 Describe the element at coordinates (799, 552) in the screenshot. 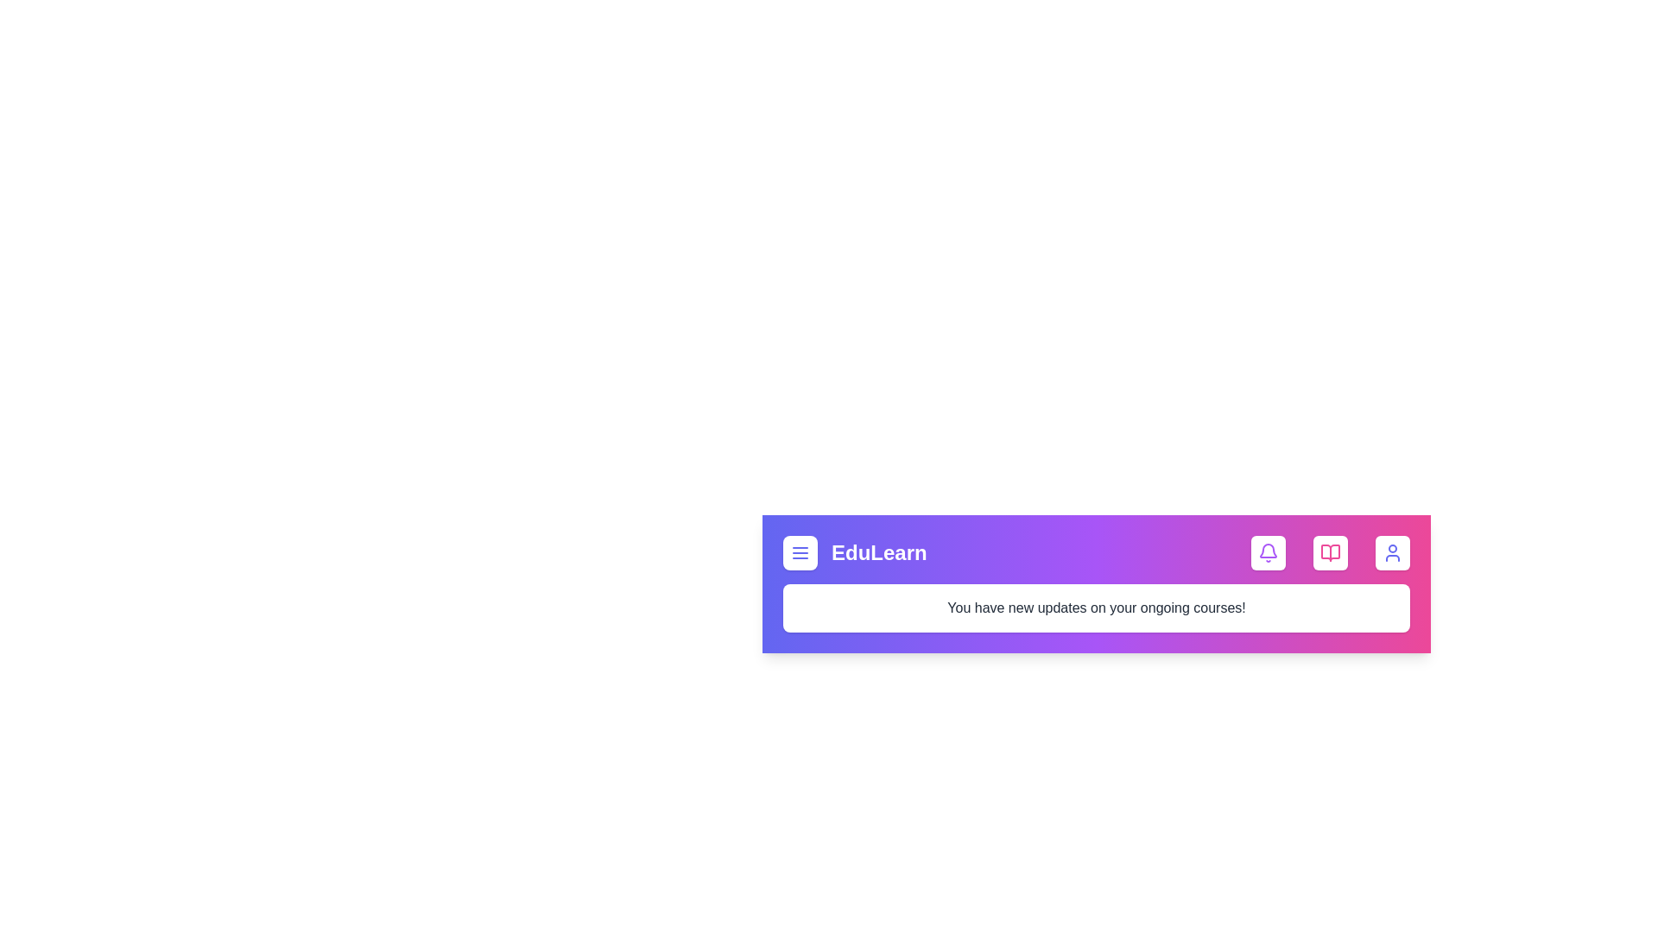

I see `the menu button to open the navigation menu` at that location.